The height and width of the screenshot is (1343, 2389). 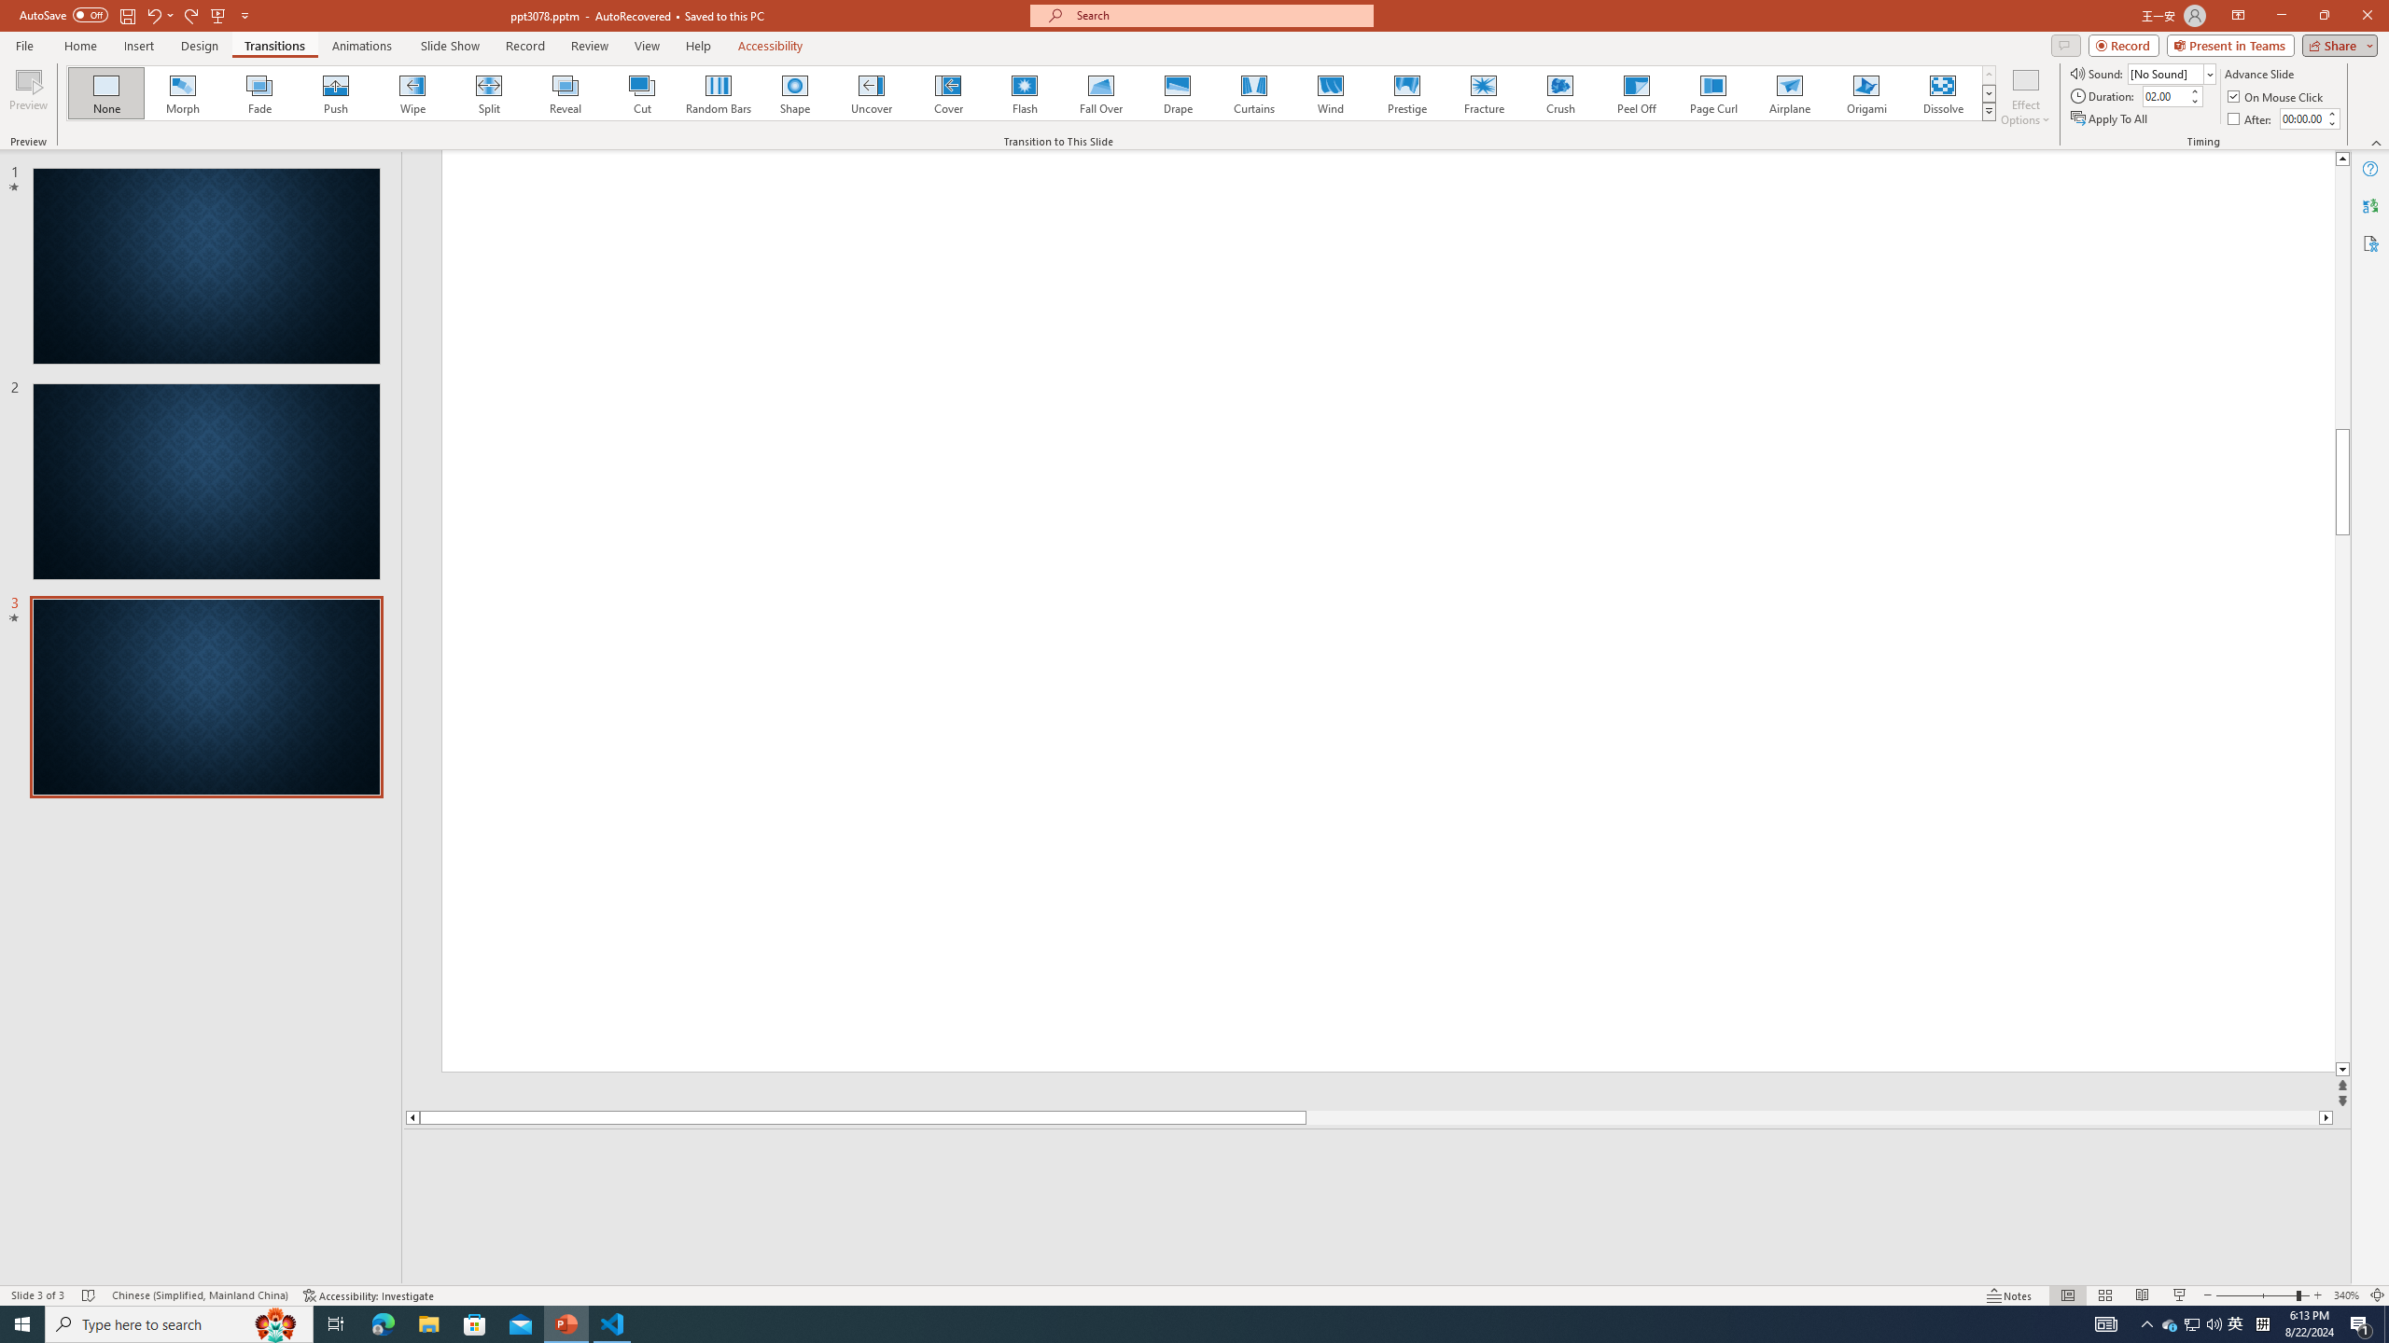 I want to click on 'Drape', so click(x=1177, y=92).